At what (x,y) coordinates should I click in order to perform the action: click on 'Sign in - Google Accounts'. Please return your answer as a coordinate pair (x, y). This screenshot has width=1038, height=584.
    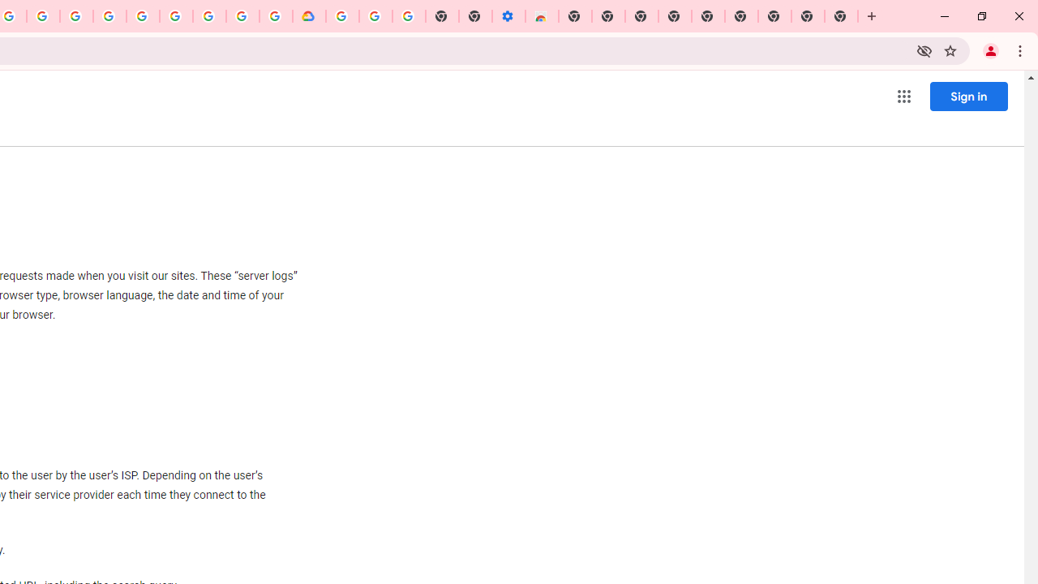
    Looking at the image, I should click on (341, 16).